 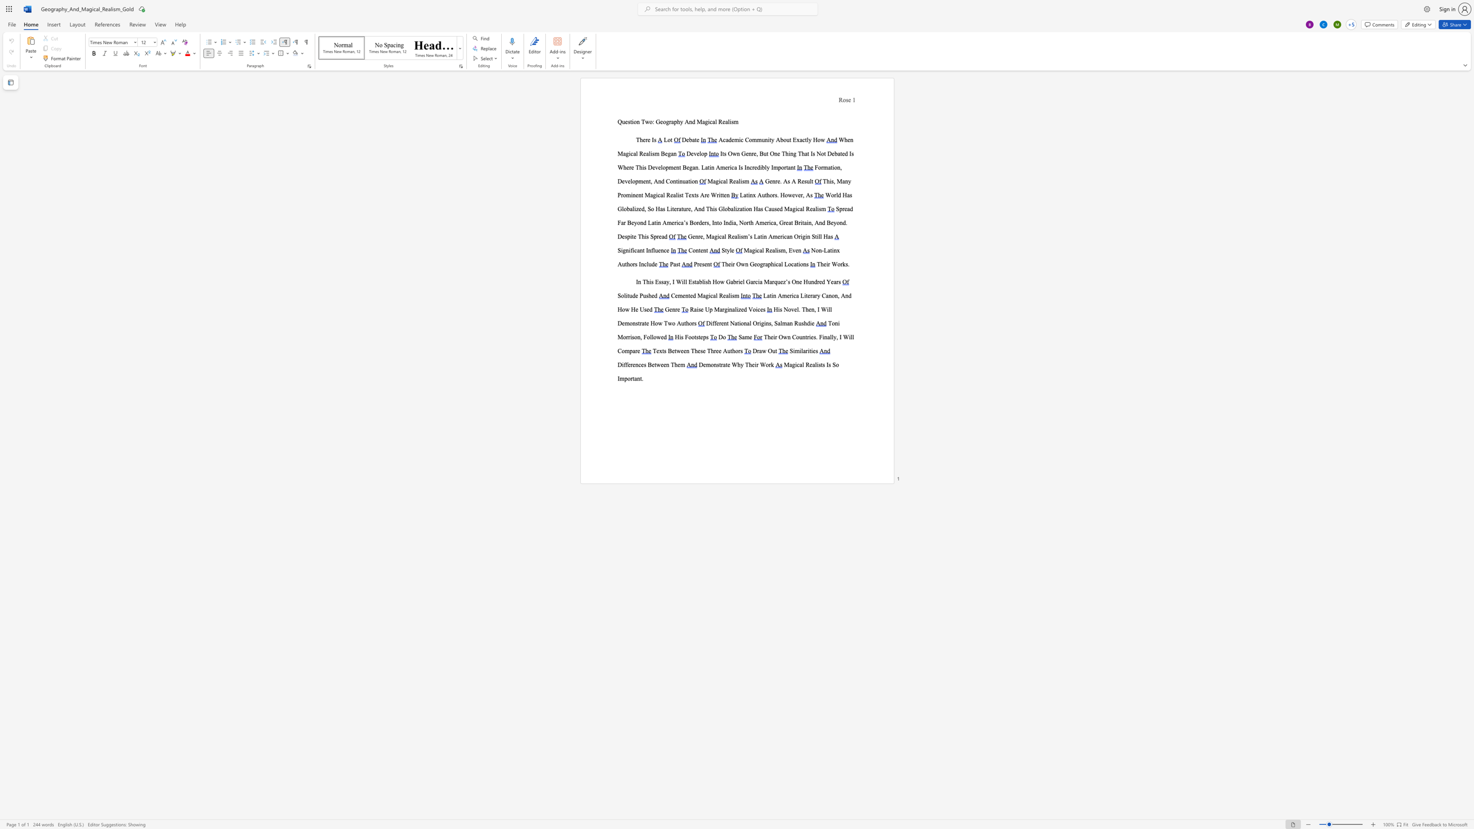 I want to click on the 6th character "i" in the text, so click(x=796, y=208).